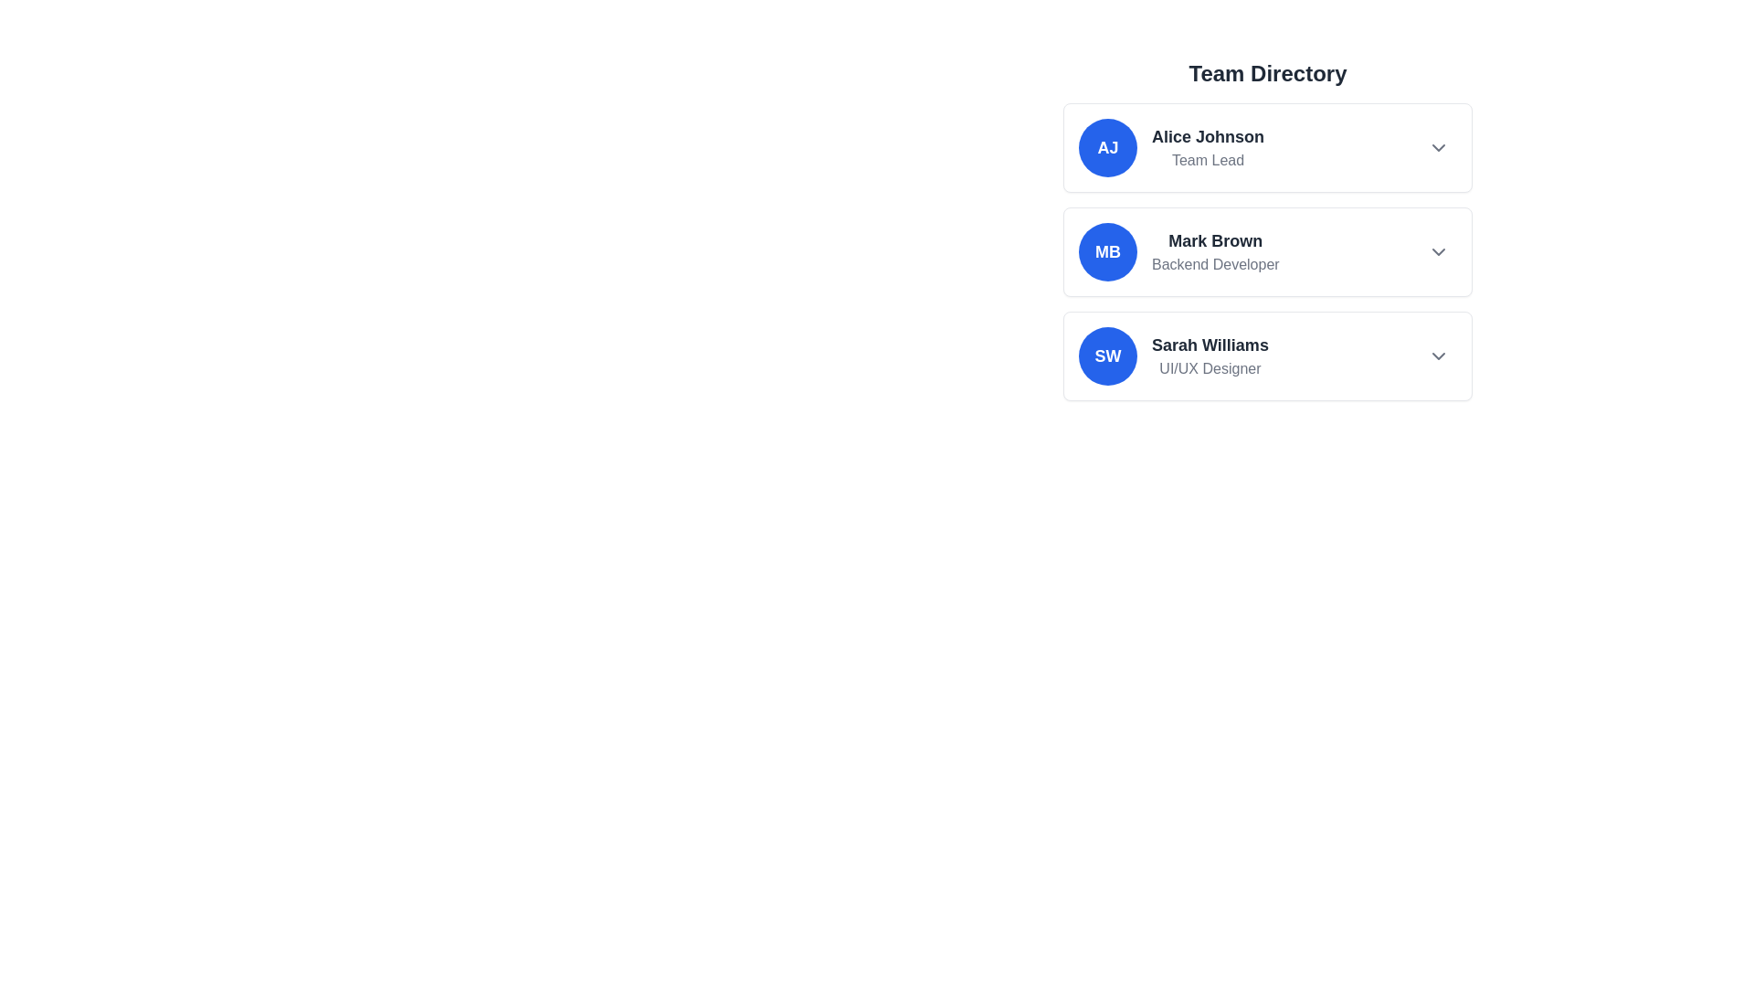 This screenshot has height=987, width=1754. Describe the element at coordinates (1215, 252) in the screenshot. I see `the Text block displaying the name and job role ('Backend Developer') of a person in the second card of the 'Team Directory' section, located to the right of the blue circular element with initials 'MB'` at that location.